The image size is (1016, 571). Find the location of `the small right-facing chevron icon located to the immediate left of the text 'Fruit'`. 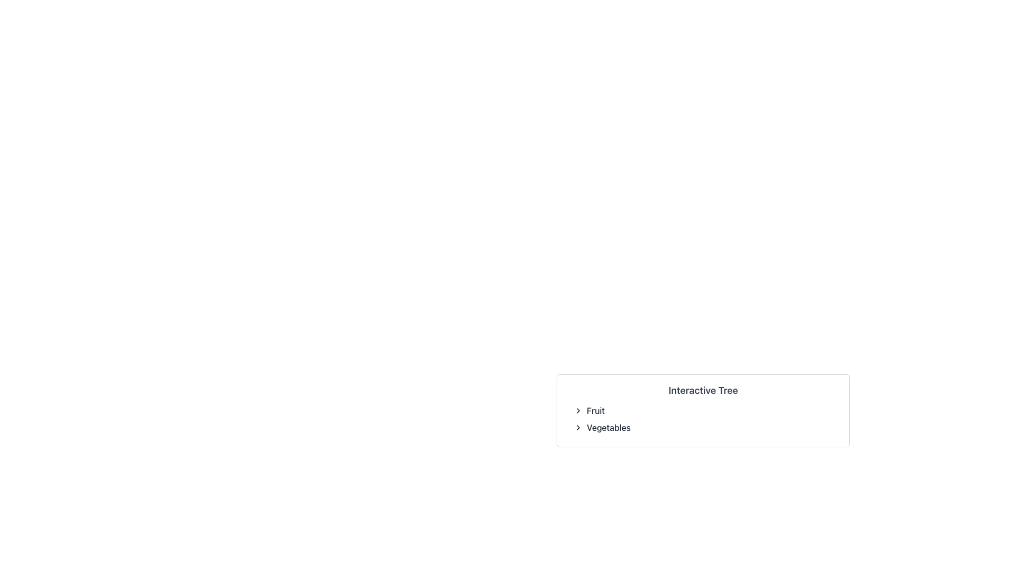

the small right-facing chevron icon located to the immediate left of the text 'Fruit' is located at coordinates (578, 410).